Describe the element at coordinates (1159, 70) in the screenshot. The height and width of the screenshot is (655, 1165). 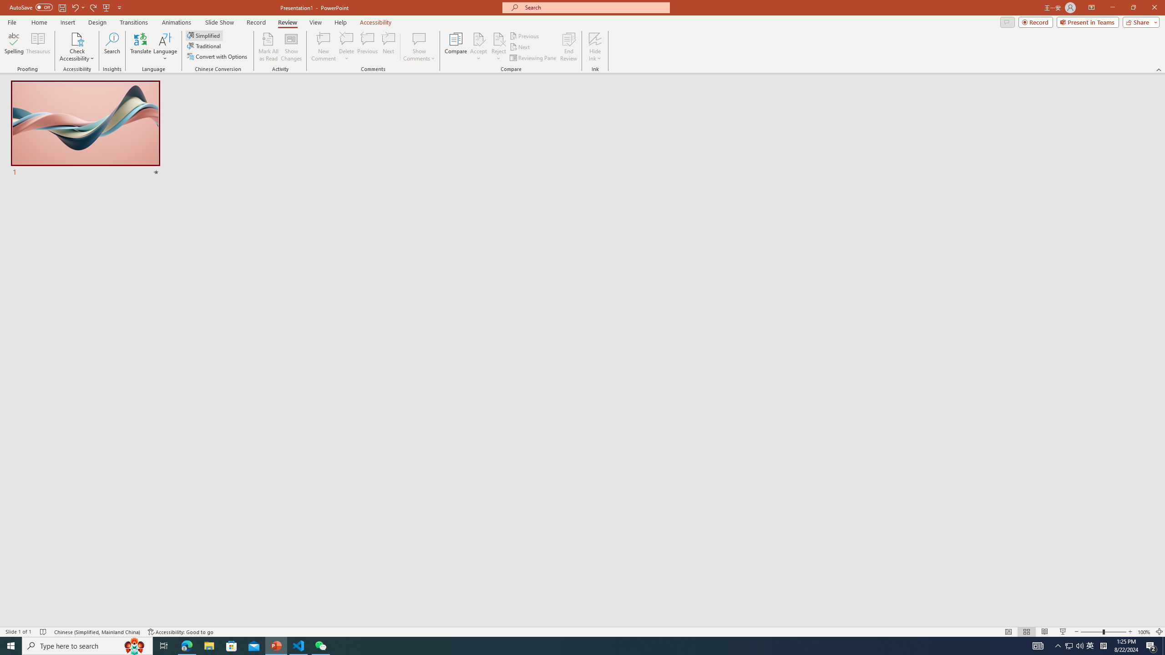
I see `'Collapse the Ribbon'` at that location.